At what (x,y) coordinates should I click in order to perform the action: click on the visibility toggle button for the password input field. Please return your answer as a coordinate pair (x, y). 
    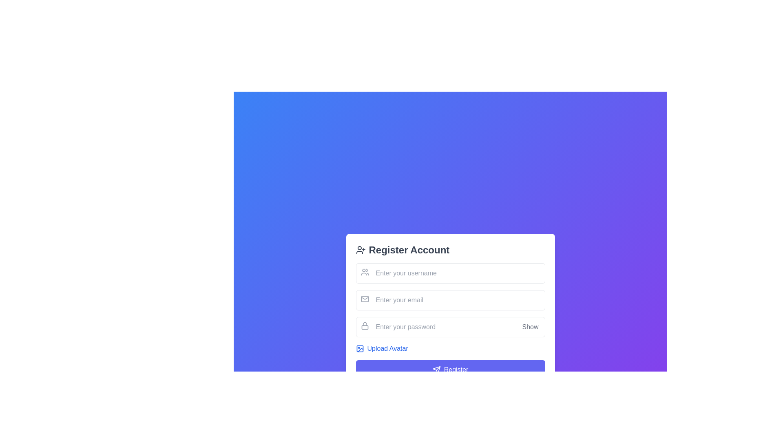
    Looking at the image, I should click on (530, 326).